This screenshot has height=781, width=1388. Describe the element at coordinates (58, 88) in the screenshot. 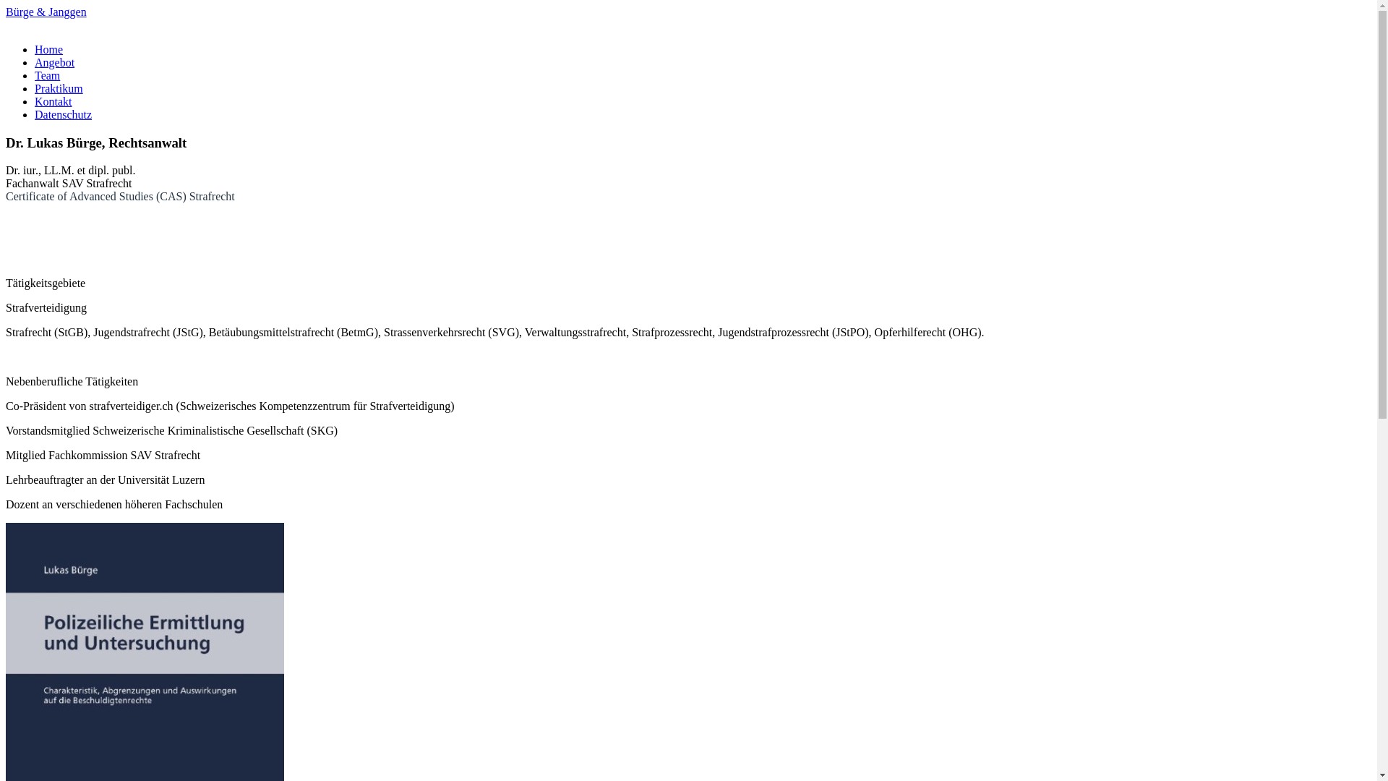

I see `'Praktikum'` at that location.